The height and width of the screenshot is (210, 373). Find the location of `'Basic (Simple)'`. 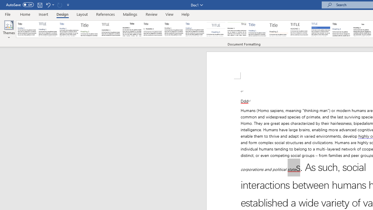

'Basic (Simple)' is located at coordinates (69, 29).